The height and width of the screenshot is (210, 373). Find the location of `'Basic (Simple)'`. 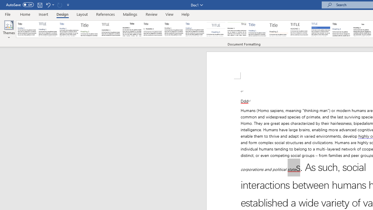

'Basic (Simple)' is located at coordinates (69, 29).